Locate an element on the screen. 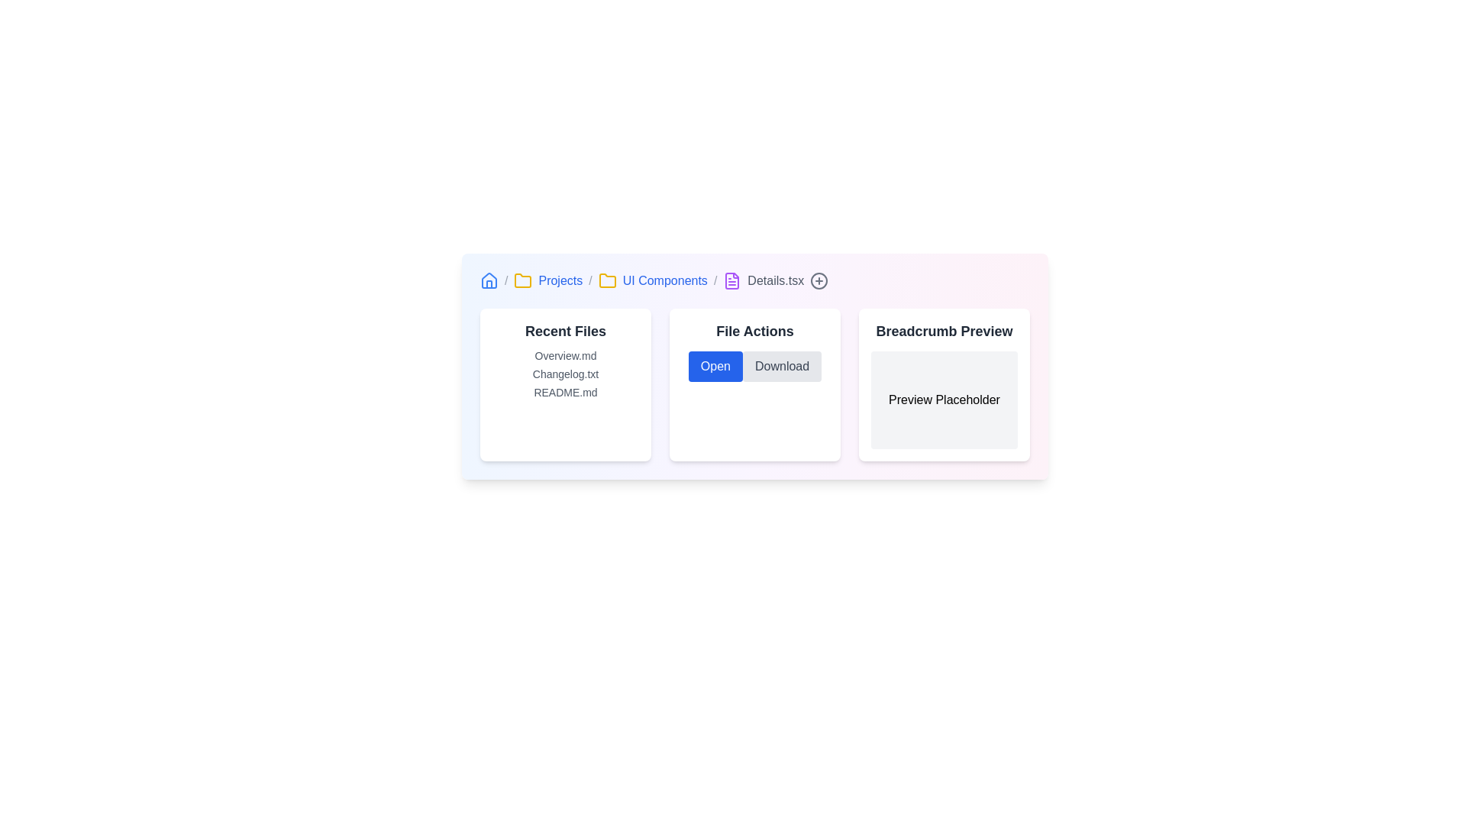 The image size is (1466, 825). the 'README.md' text label located in the 'Recent Files' card section for interaction is located at coordinates (564, 391).